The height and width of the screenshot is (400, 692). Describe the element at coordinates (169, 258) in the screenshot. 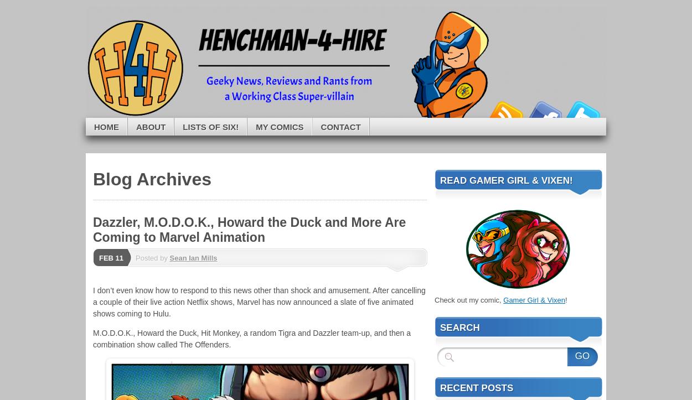

I see `'Sean Ian Mills'` at that location.